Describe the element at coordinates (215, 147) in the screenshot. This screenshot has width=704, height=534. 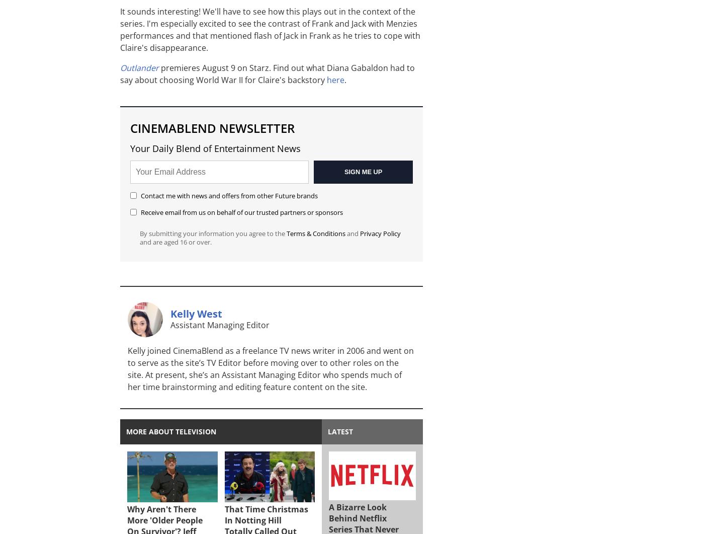
I see `'Your Daily Blend of Entertainment News'` at that location.